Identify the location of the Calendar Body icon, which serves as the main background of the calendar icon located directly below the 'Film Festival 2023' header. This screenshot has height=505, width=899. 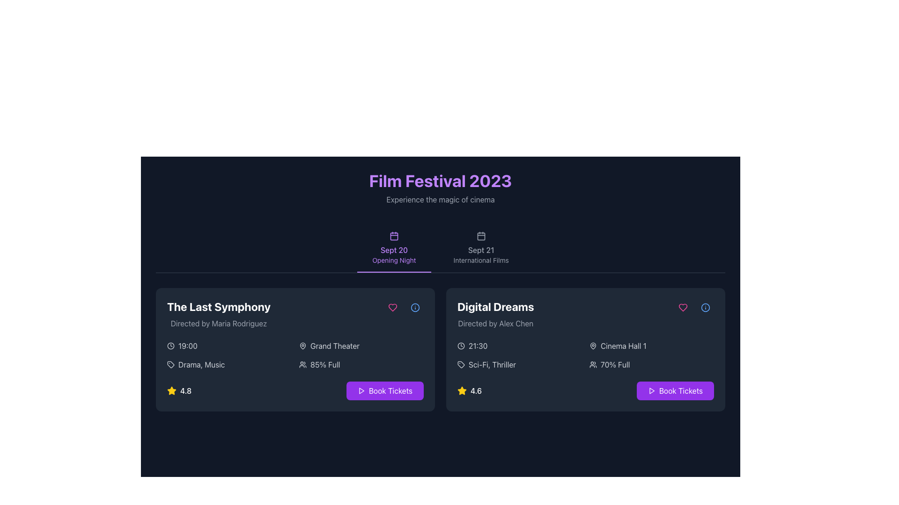
(481, 236).